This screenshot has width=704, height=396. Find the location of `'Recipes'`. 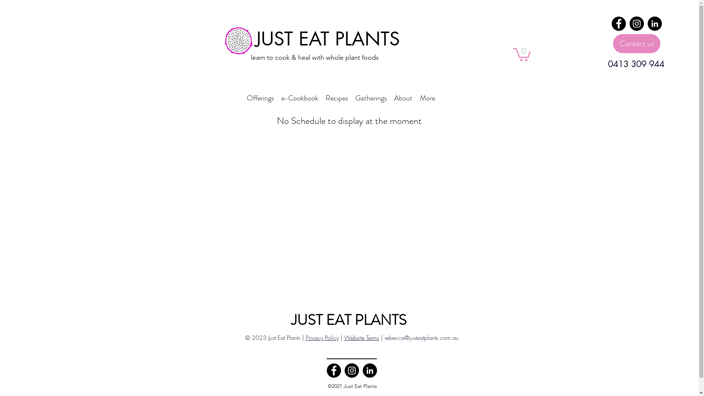

'Recipes' is located at coordinates (336, 98).